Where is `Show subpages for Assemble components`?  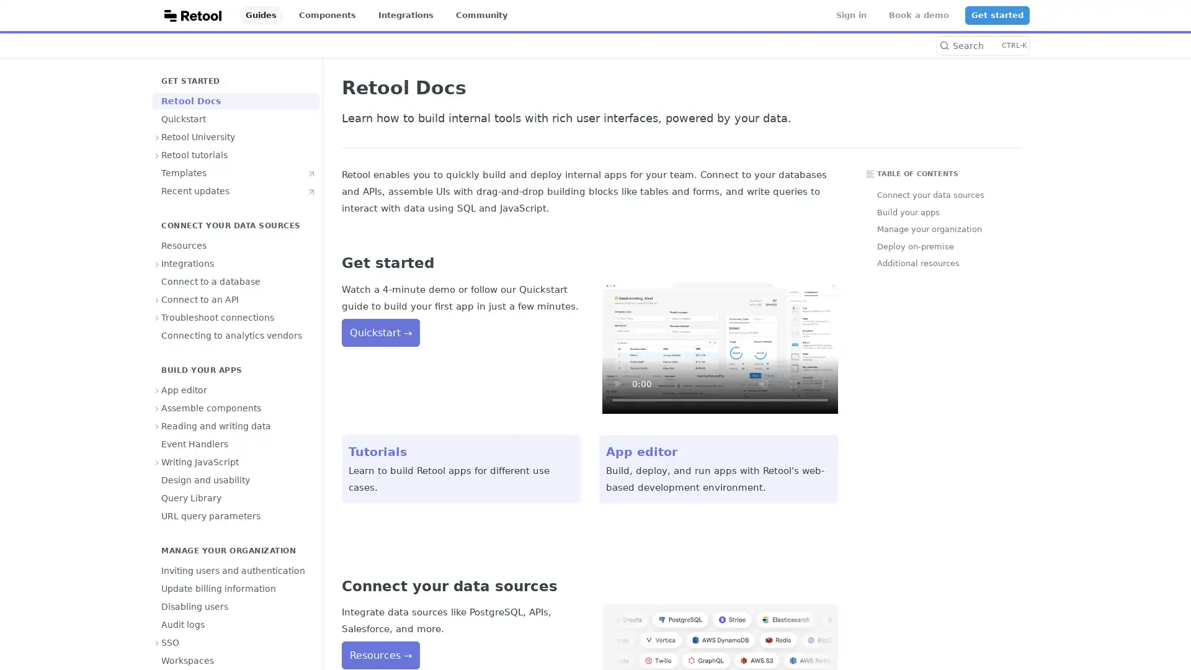
Show subpages for Assemble components is located at coordinates (157, 408).